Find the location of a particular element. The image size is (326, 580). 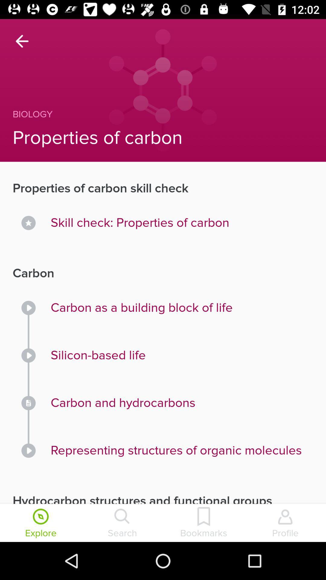

icon next to the bookmarks item is located at coordinates (285, 523).